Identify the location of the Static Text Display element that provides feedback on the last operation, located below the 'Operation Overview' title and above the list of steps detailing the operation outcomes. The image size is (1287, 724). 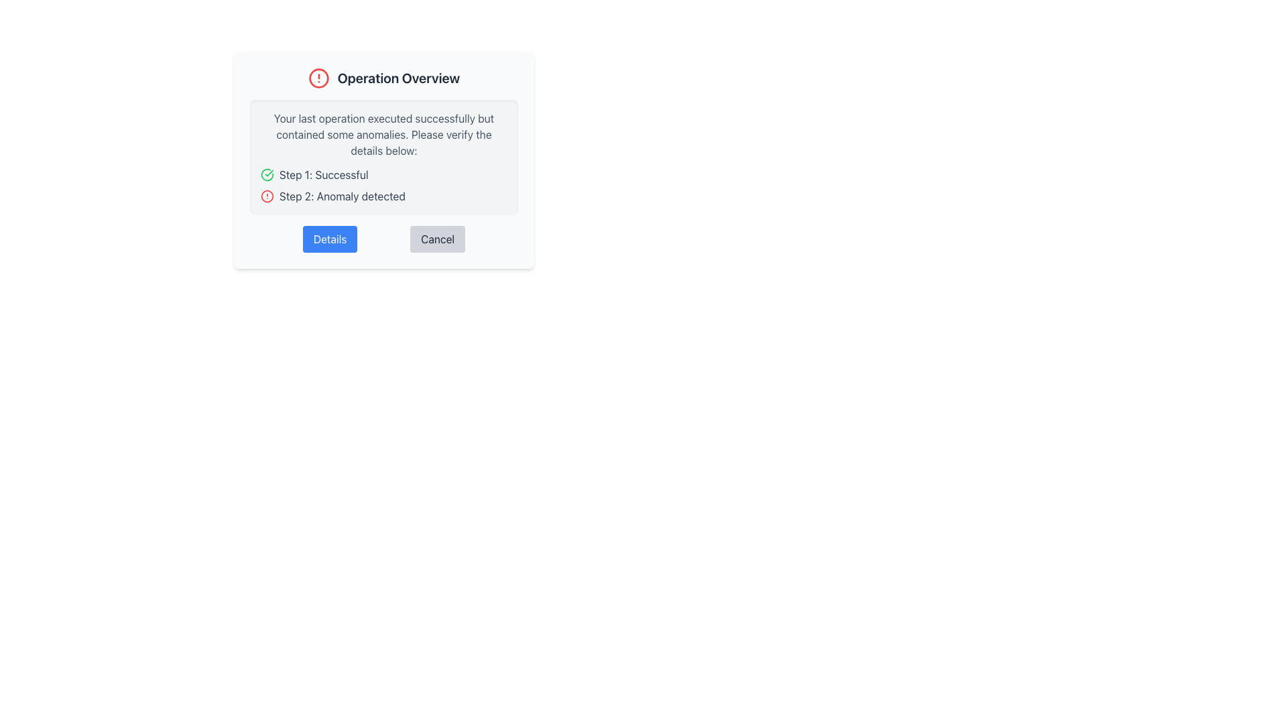
(383, 134).